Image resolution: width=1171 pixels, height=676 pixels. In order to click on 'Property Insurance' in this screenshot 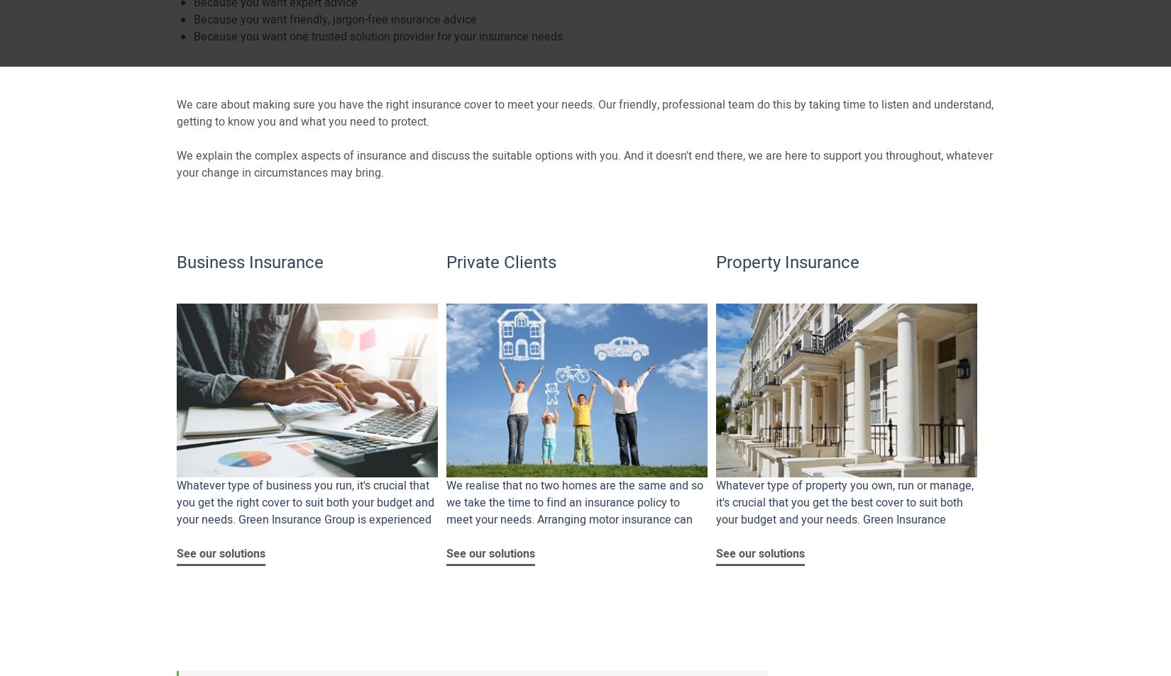, I will do `click(787, 262)`.